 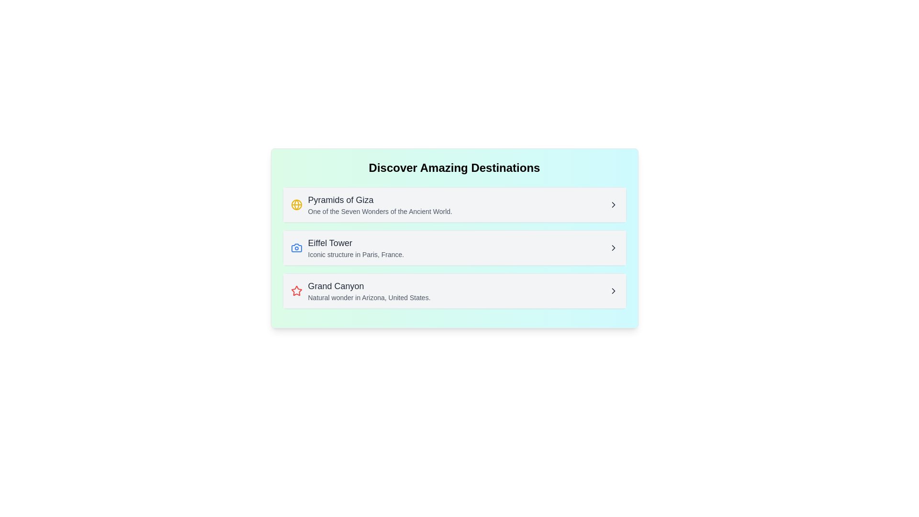 I want to click on the third list item in the 'Discover Amazing Destinations' card, which is related to 'Grand Canyon', so click(x=454, y=291).